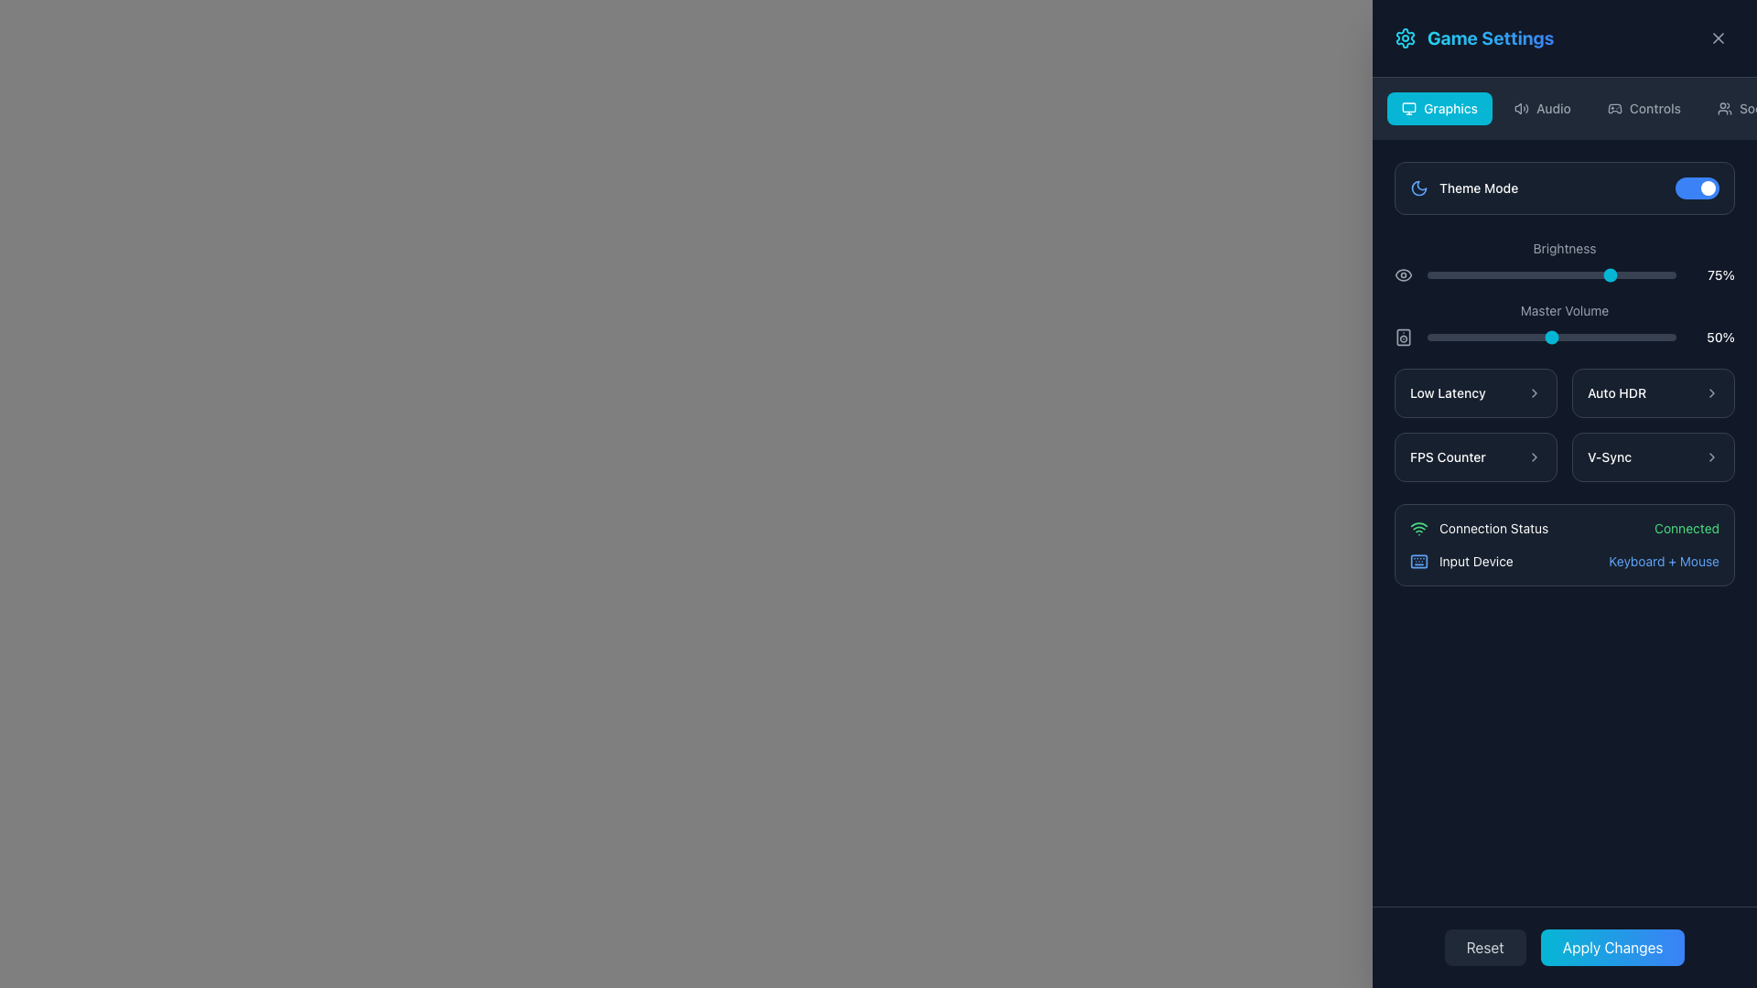 This screenshot has height=988, width=1757. I want to click on the text label that reads 'Keyboard + Mouse', styled in a small font size and blue color, located in the lower-right quadrant of the interface, to the right of the label 'Input Device', so click(1664, 560).